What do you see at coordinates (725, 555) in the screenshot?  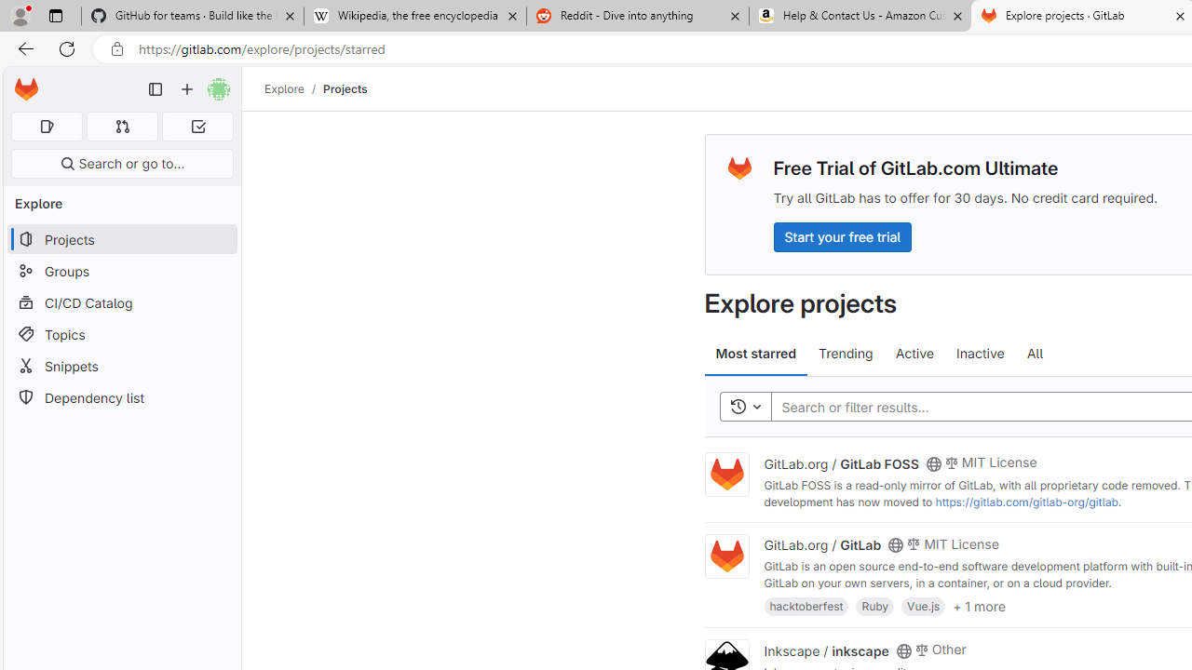 I see `'Class: project'` at bounding box center [725, 555].